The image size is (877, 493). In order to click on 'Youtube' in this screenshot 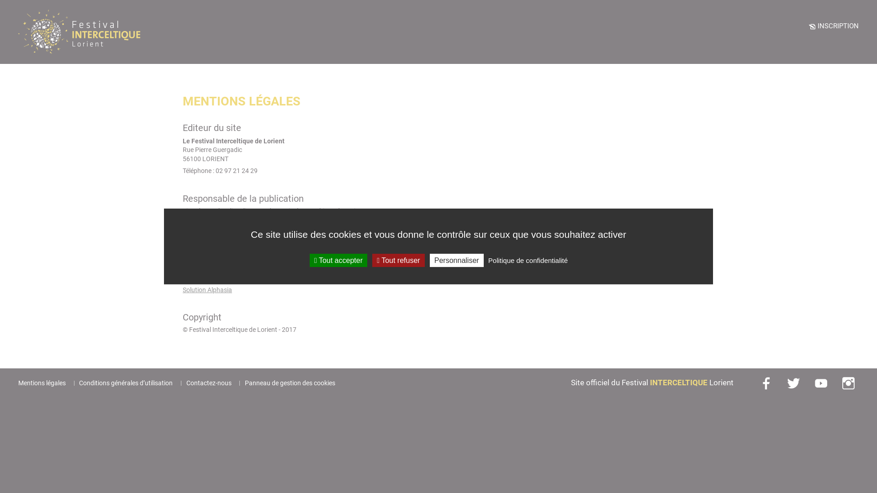, I will do `click(822, 383)`.